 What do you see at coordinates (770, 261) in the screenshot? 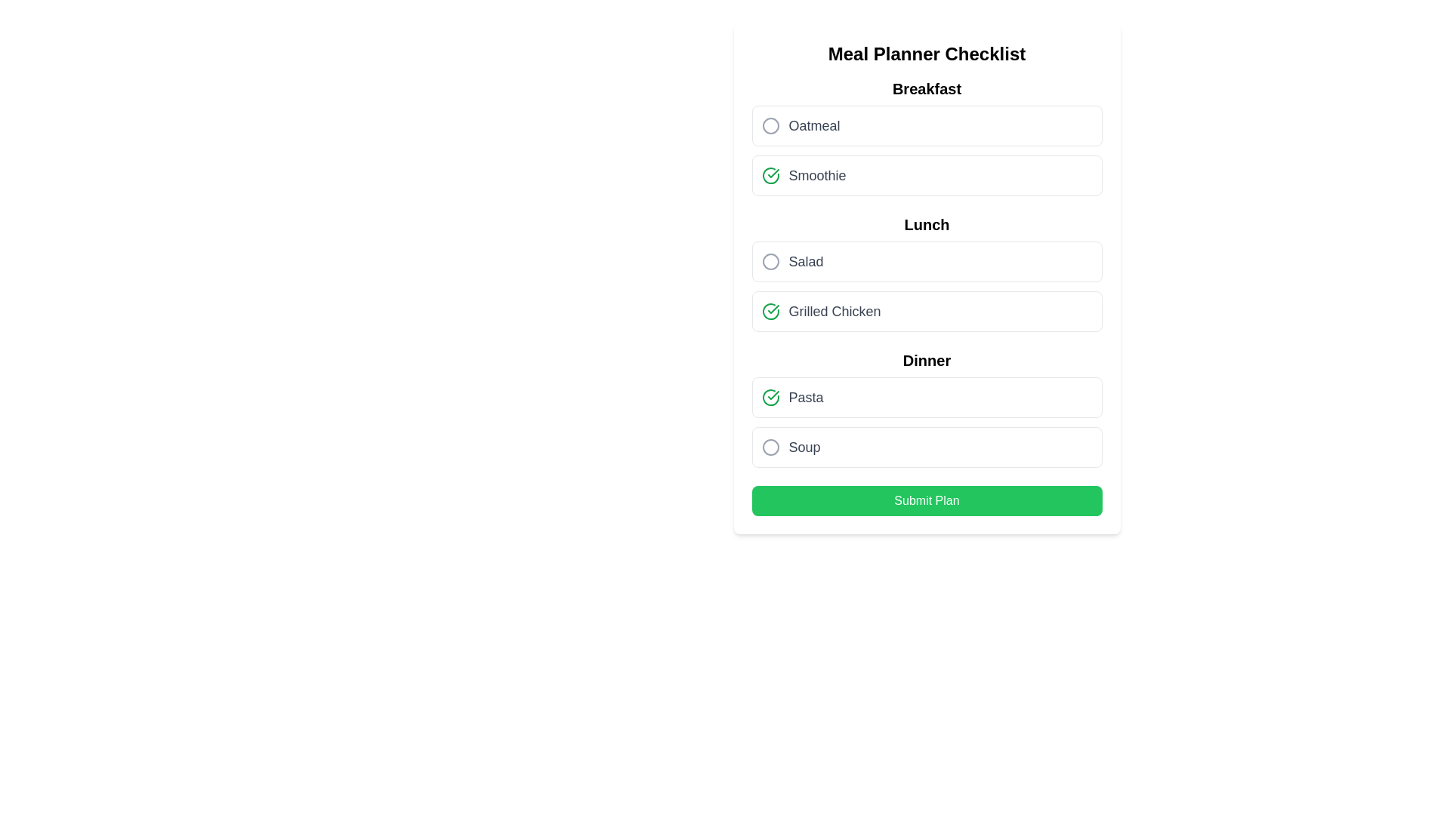
I see `the circular graphic element indicating the 'Salad' option in the Lunch section of the meal planner checklist` at bounding box center [770, 261].